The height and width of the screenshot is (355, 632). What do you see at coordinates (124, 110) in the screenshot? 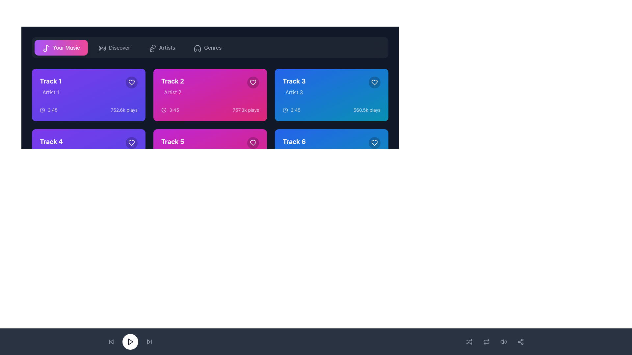
I see `the static text element displaying '752.6k plays' located on the bottom-right section of the purple card in the 'Track 1' card` at bounding box center [124, 110].